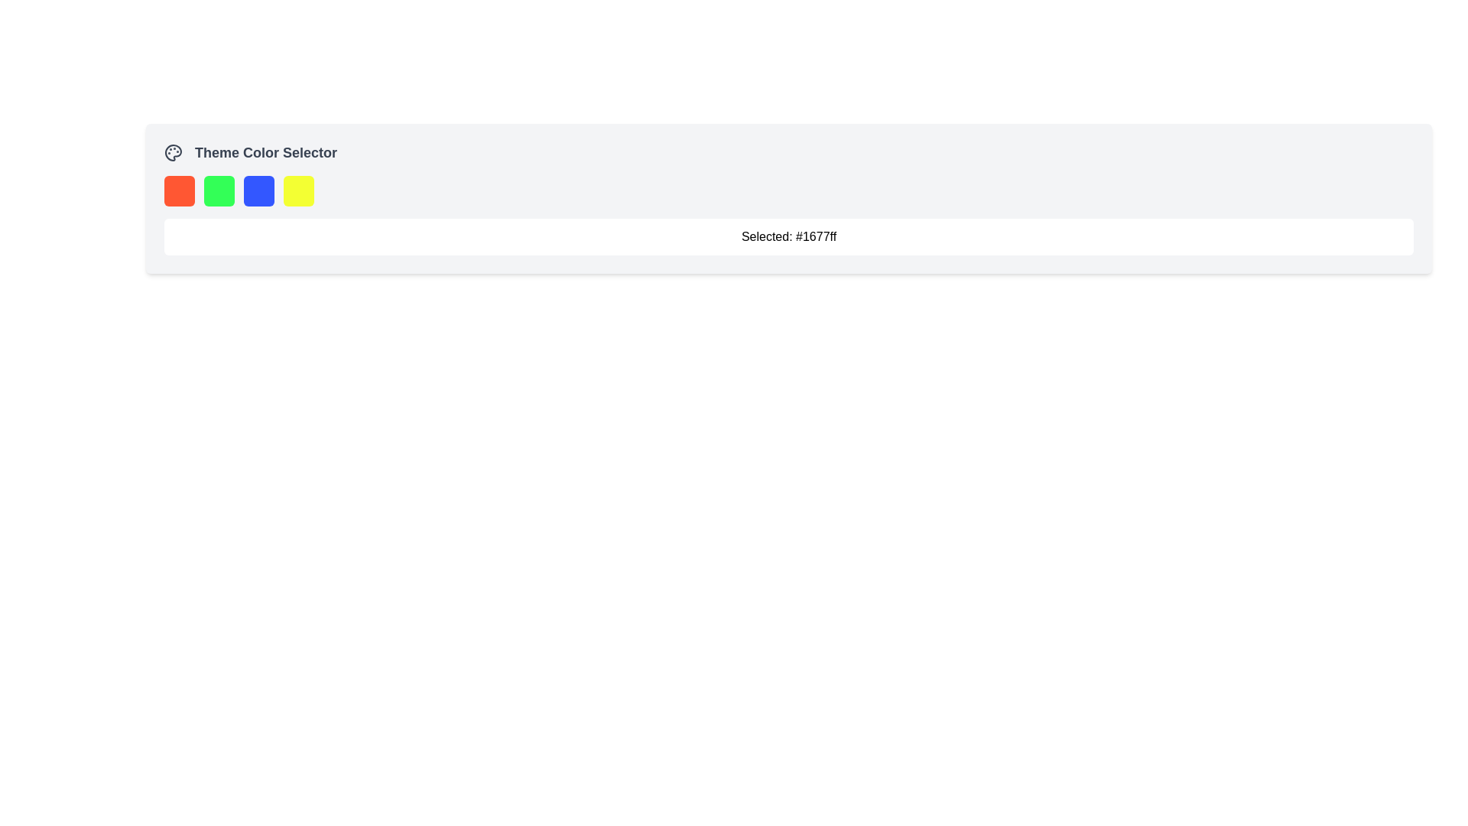 The height and width of the screenshot is (826, 1468). What do you see at coordinates (180, 190) in the screenshot?
I see `the vibrant orange-red color selection button located in the Theme Color Selector section` at bounding box center [180, 190].